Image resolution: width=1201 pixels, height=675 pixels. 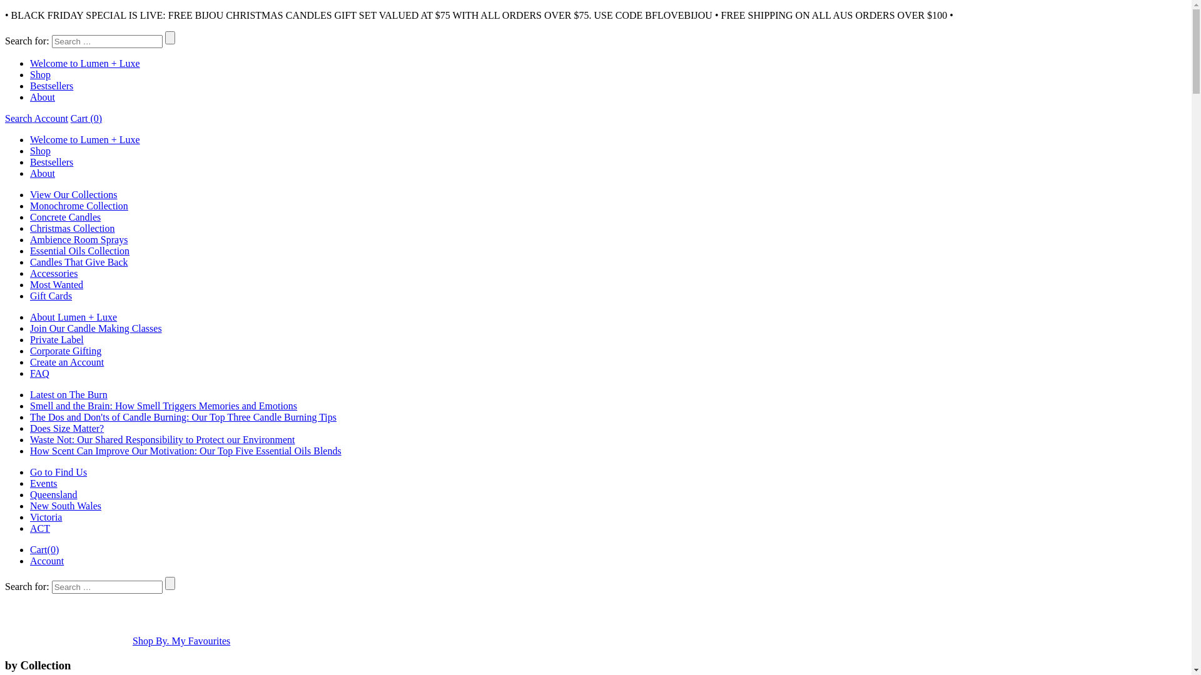 I want to click on 'Cart(0)', so click(x=30, y=549).